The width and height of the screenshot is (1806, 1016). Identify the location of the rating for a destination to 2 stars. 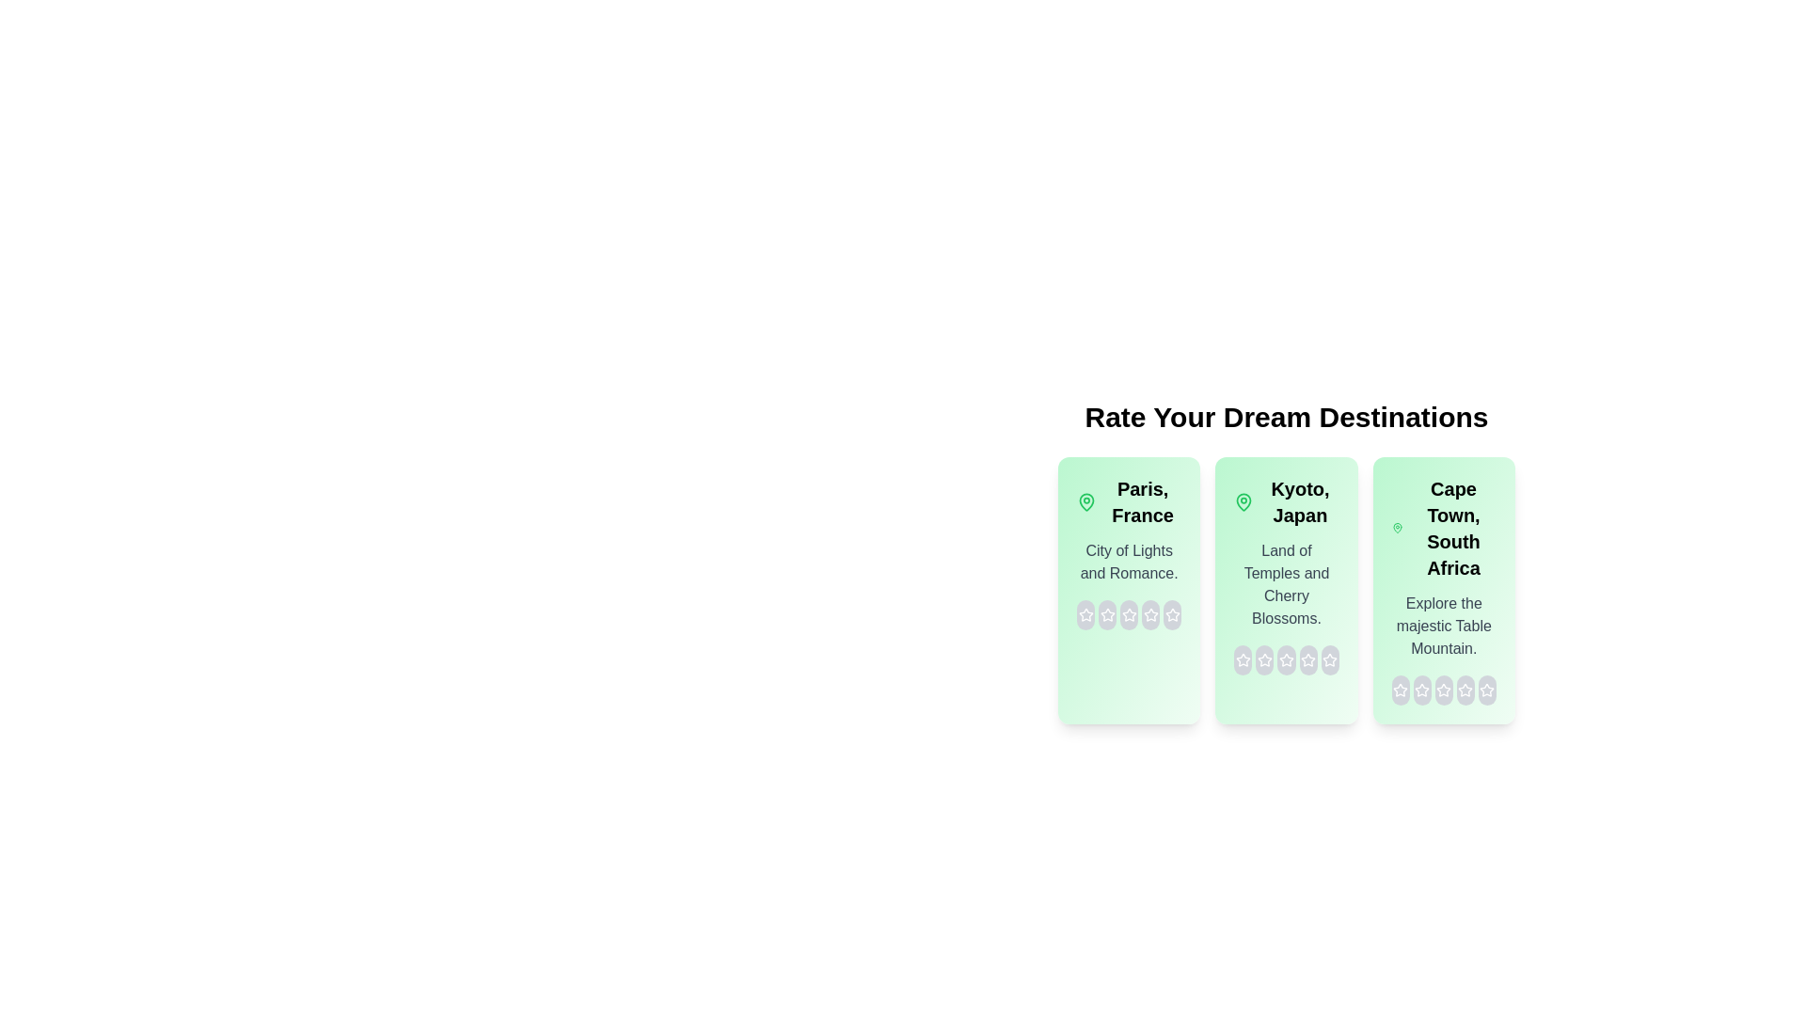
(1107, 615).